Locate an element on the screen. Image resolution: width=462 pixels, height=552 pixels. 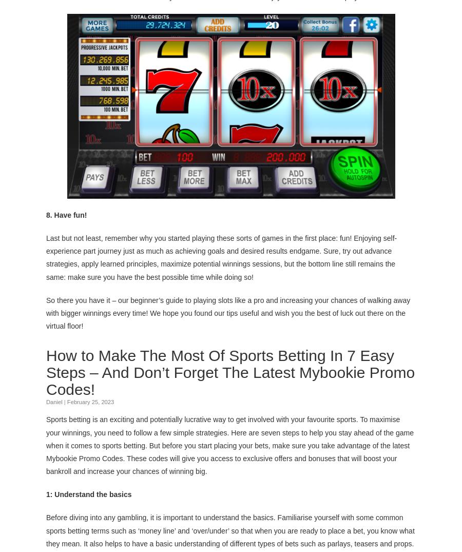
'. These codes will give you access to exclusive offers and bonuses that will boost your bankroll and increase your chances of winning big.' is located at coordinates (221, 464).